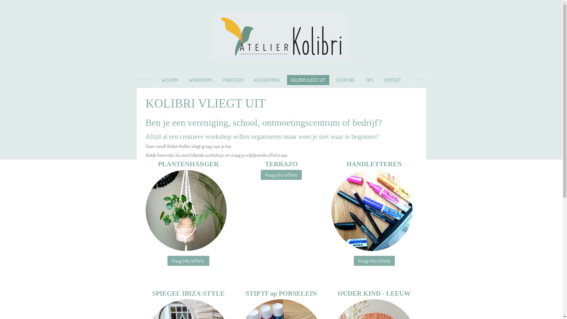 The height and width of the screenshot is (319, 567). What do you see at coordinates (374, 261) in the screenshot?
I see `'Vraag info/offerte'` at bounding box center [374, 261].